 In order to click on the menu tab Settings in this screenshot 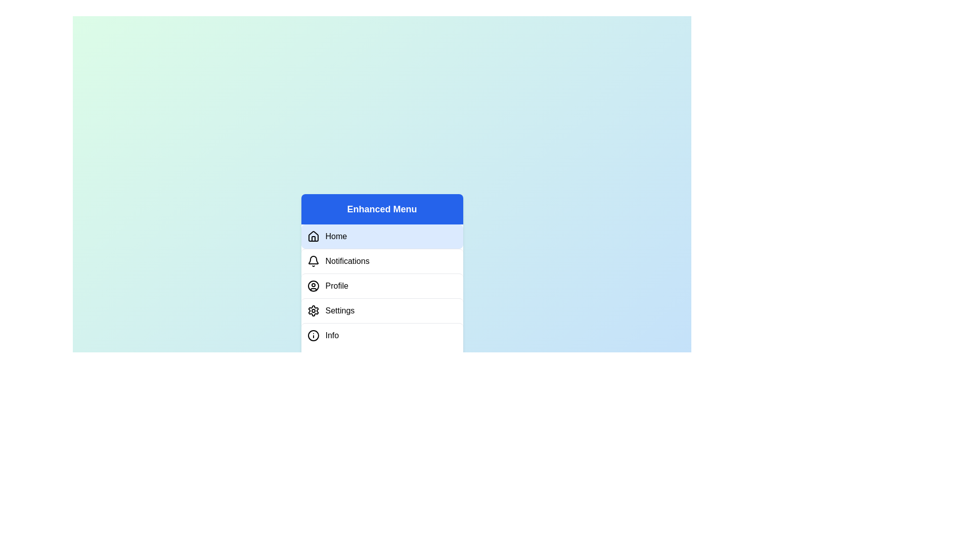, I will do `click(381, 310)`.